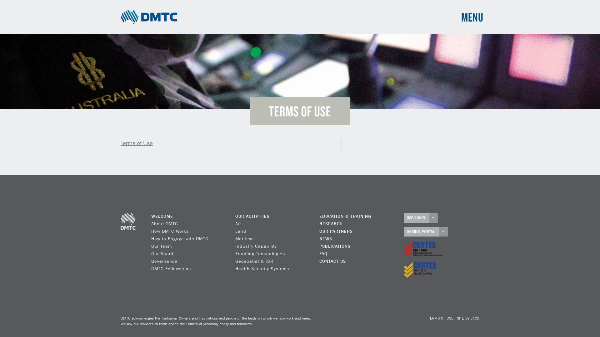  I want to click on 'OUR PARTNERS', so click(336, 231).